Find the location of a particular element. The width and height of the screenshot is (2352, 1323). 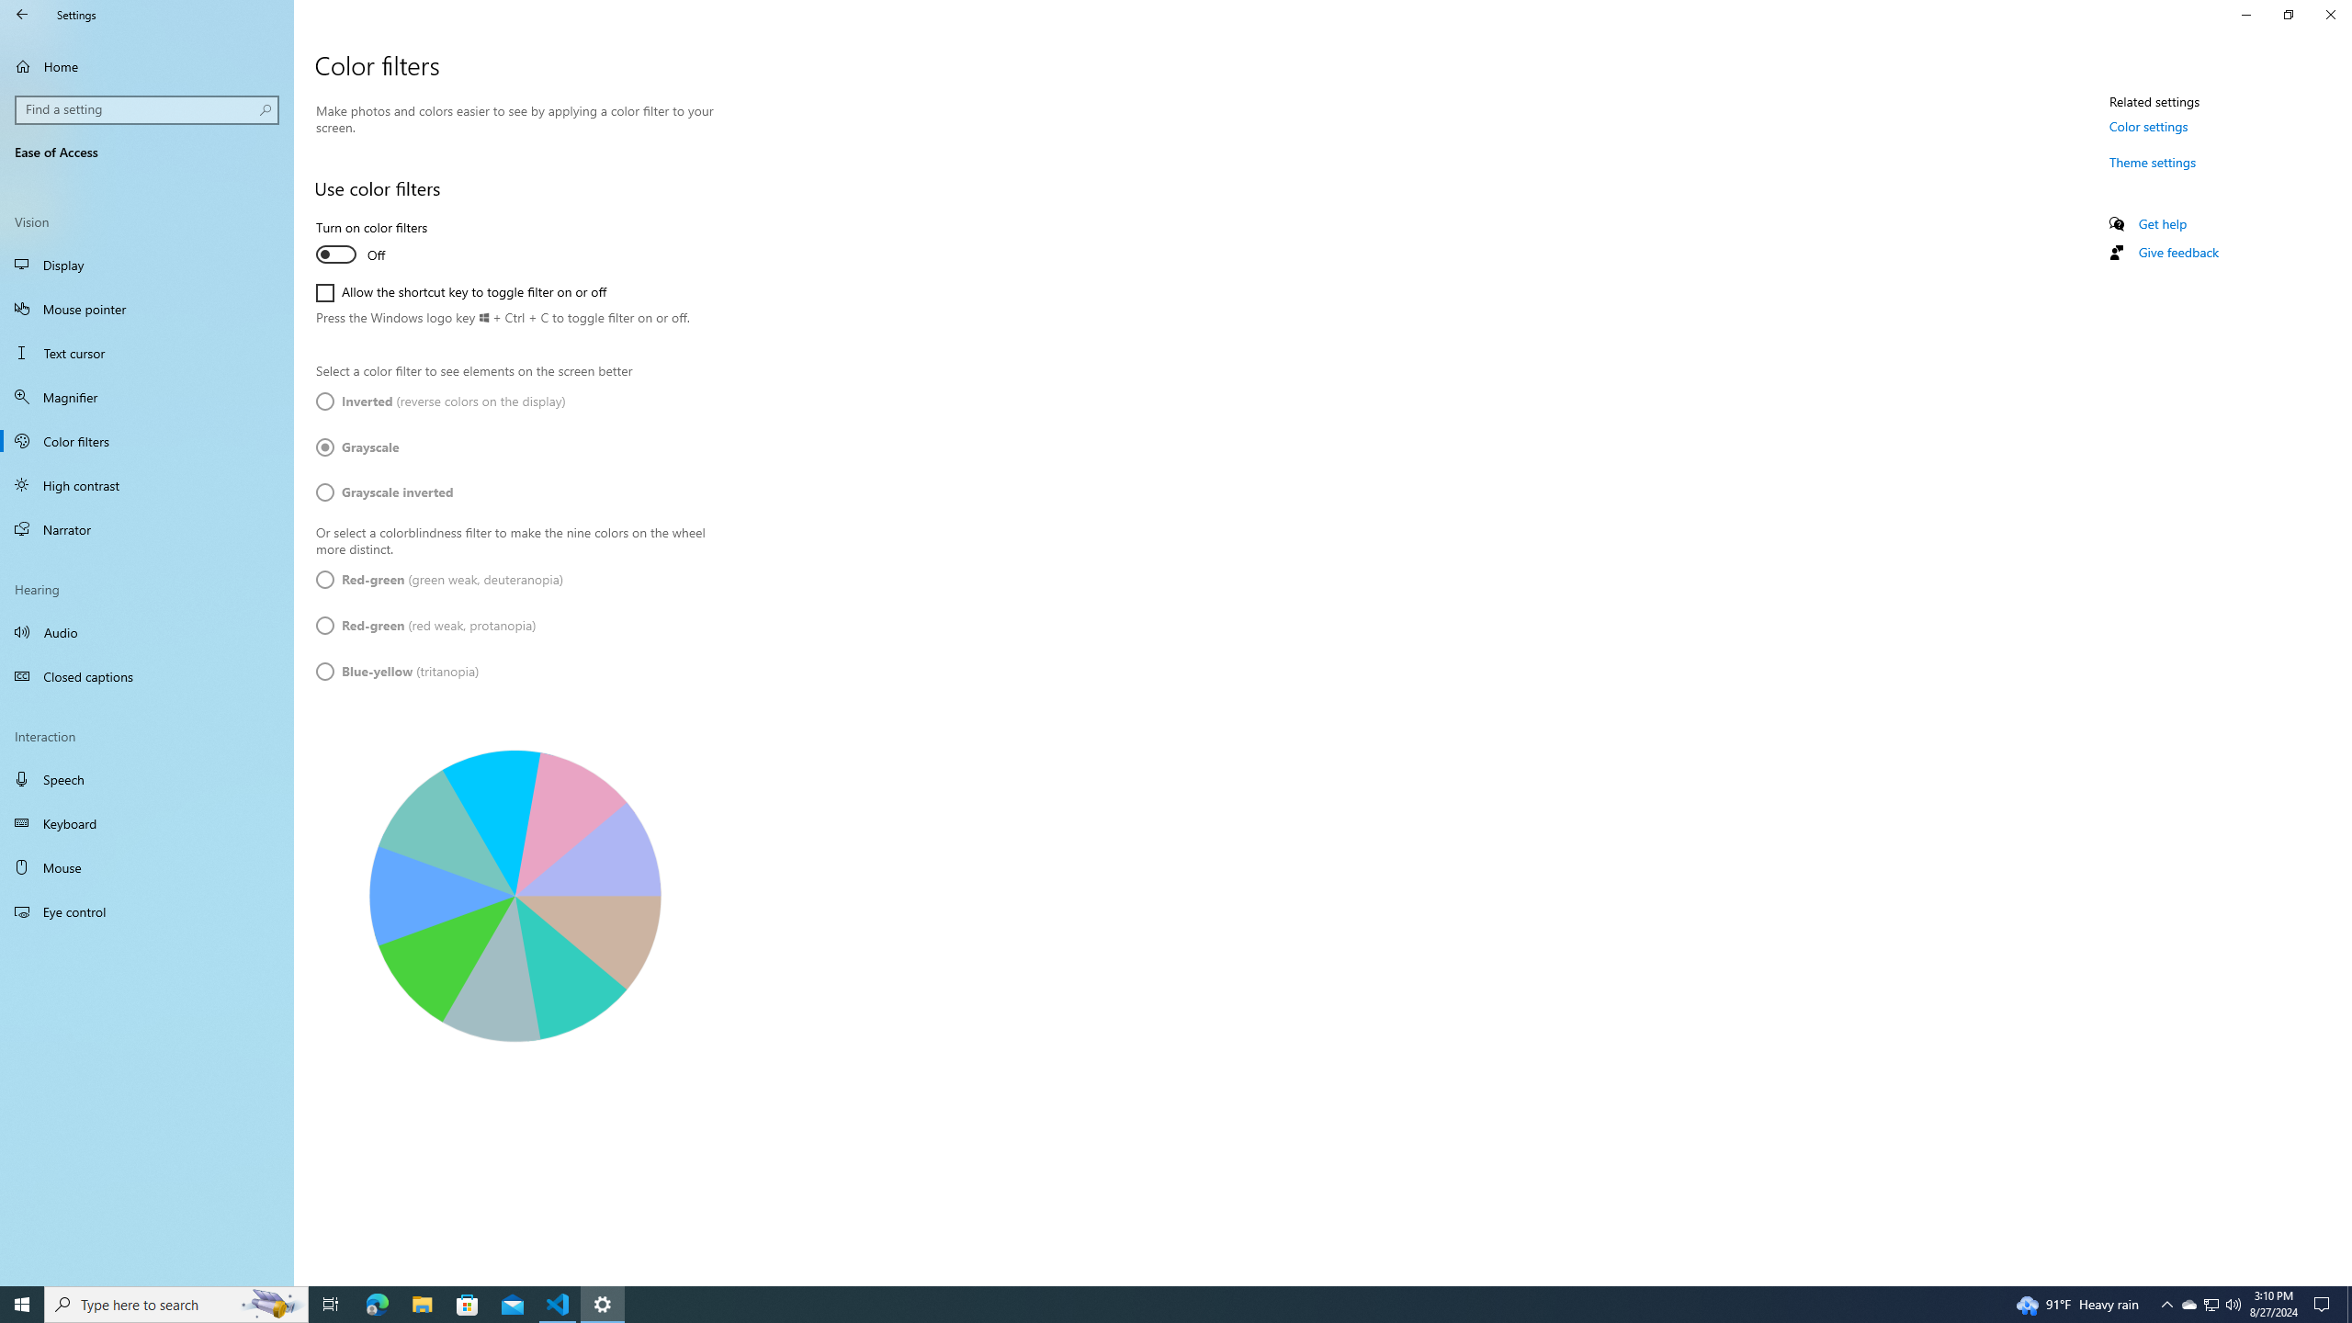

'Microsoft Edge' is located at coordinates (376, 1303).